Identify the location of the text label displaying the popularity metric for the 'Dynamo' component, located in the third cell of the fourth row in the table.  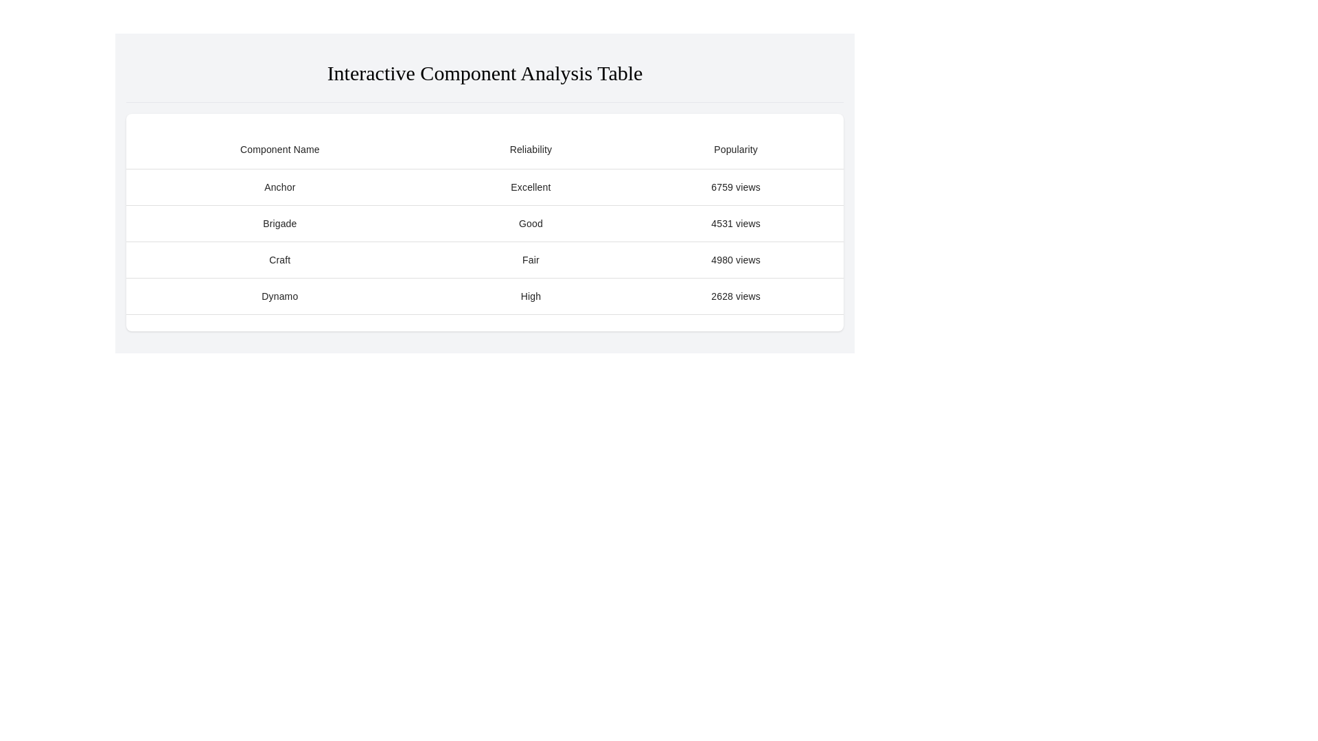
(735, 296).